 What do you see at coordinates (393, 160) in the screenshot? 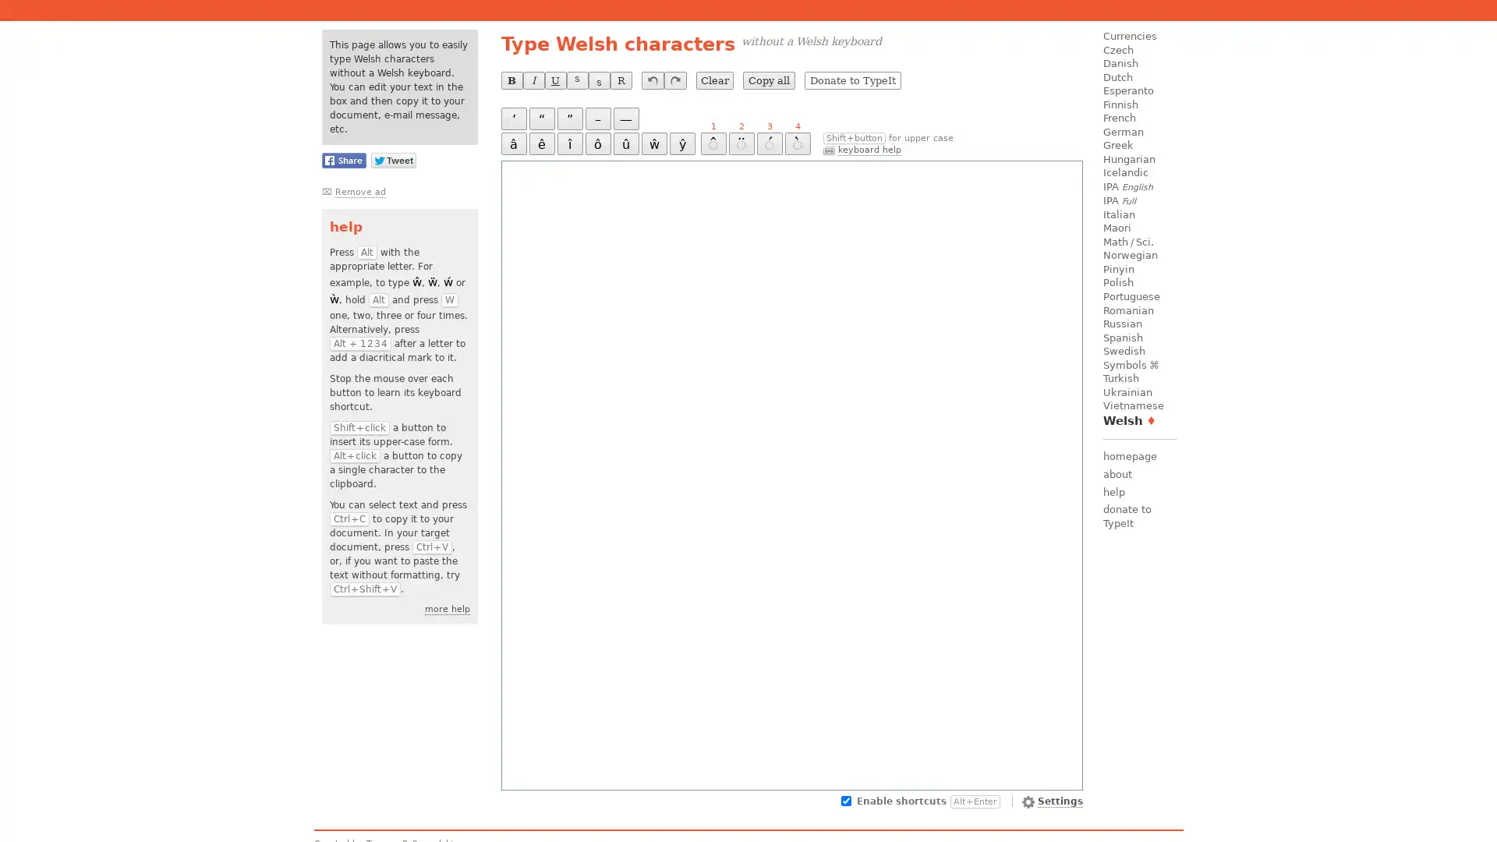
I see `Share this page on Twitter` at bounding box center [393, 160].